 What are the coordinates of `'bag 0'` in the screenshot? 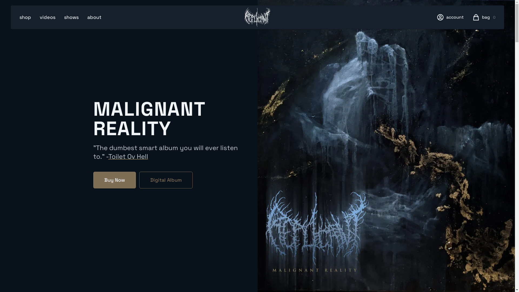 It's located at (489, 17).